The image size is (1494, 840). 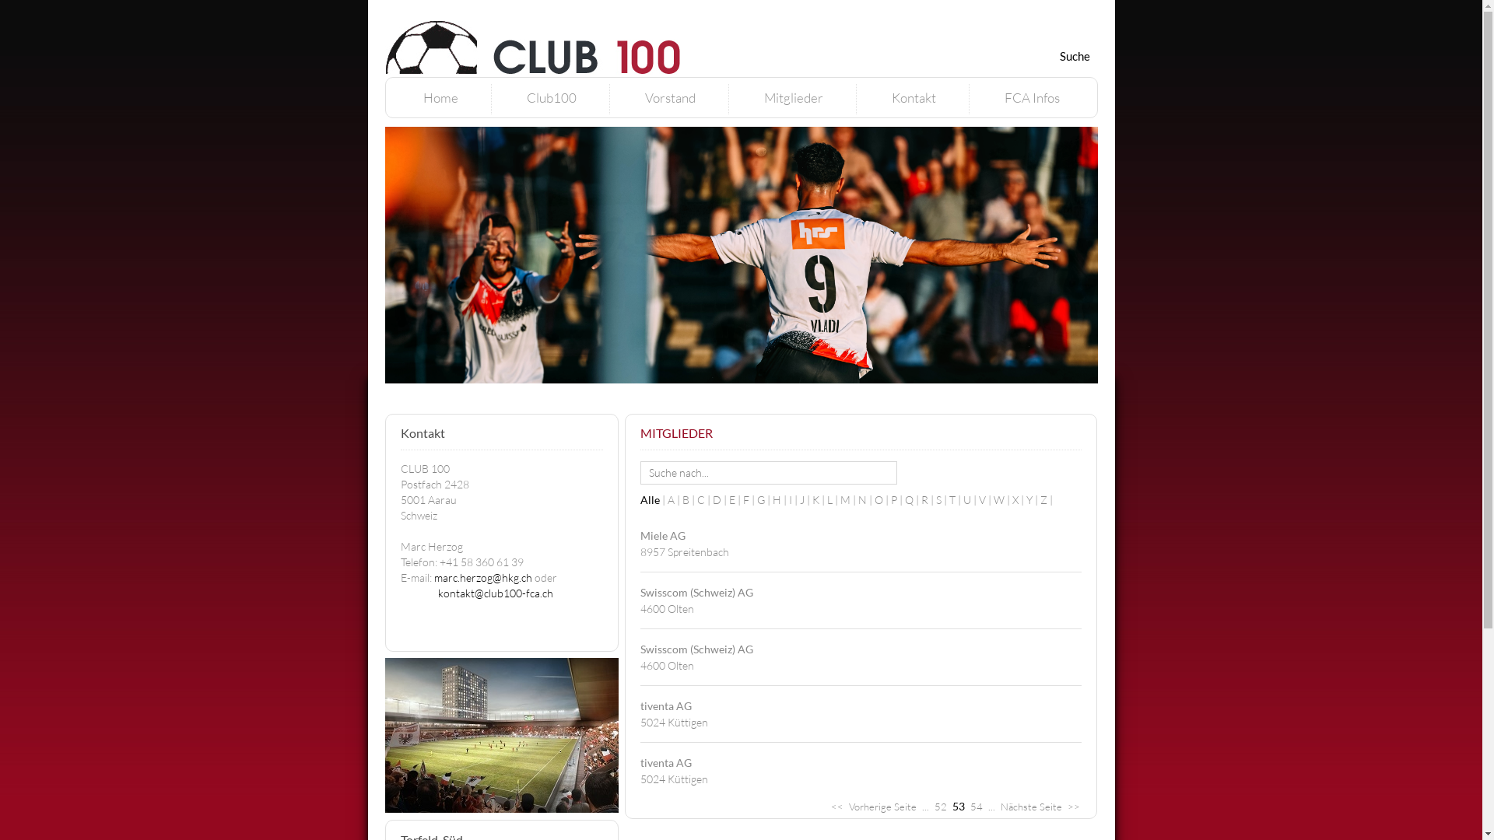 What do you see at coordinates (847, 806) in the screenshot?
I see `'Vorherige Seite'` at bounding box center [847, 806].